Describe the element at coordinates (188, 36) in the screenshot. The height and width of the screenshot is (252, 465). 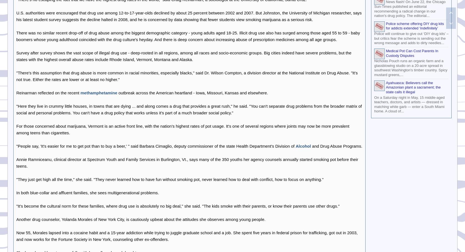
I see `'There was no similar recent drop-off of drug abuse among the biggest demographic category - young adults aged 18-25. Illicit drug use also has surged among those aged 55 to 59 - baby boomers whose young adulthood coincided with the drug culture's heyday. And there is deep concern about increasing abuse of prescription medicines among all age groups.'` at that location.